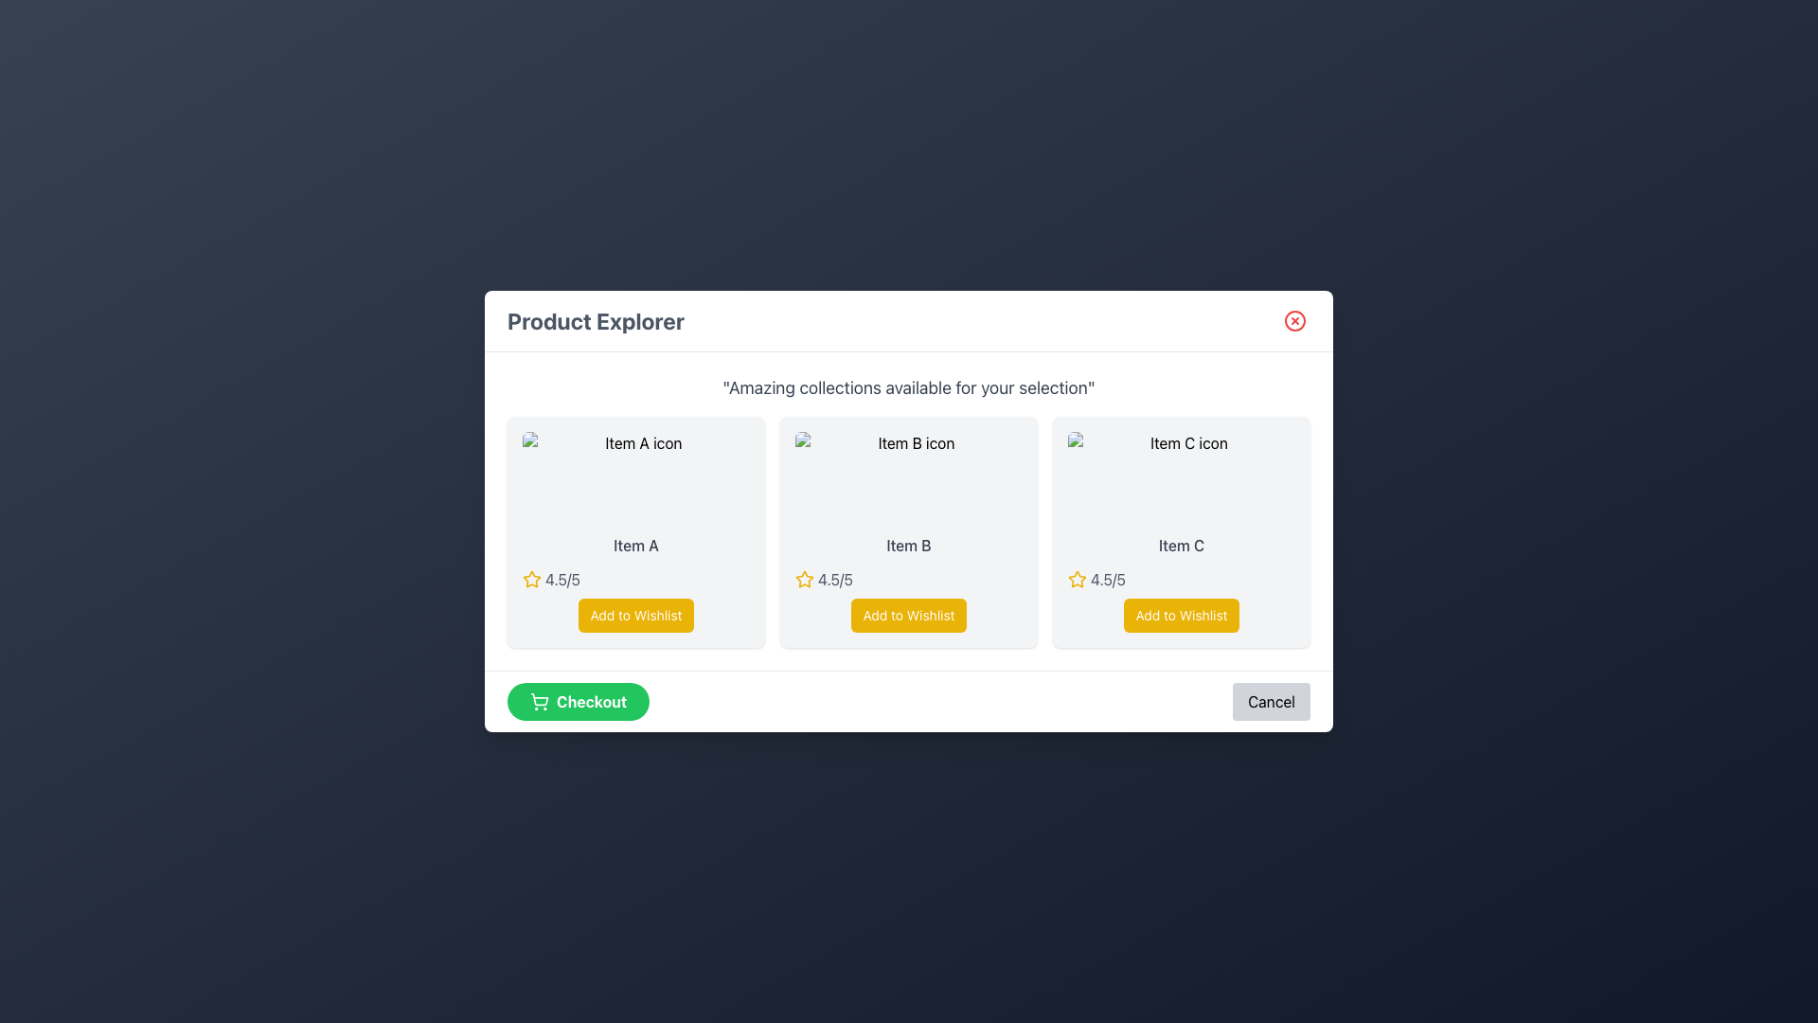 The width and height of the screenshot is (1818, 1023). Describe the element at coordinates (1181, 545) in the screenshot. I see `the text element displaying 'Item C', which is styled in a medium-weight gray font and located in the third column of a grid within a modal popup` at that location.